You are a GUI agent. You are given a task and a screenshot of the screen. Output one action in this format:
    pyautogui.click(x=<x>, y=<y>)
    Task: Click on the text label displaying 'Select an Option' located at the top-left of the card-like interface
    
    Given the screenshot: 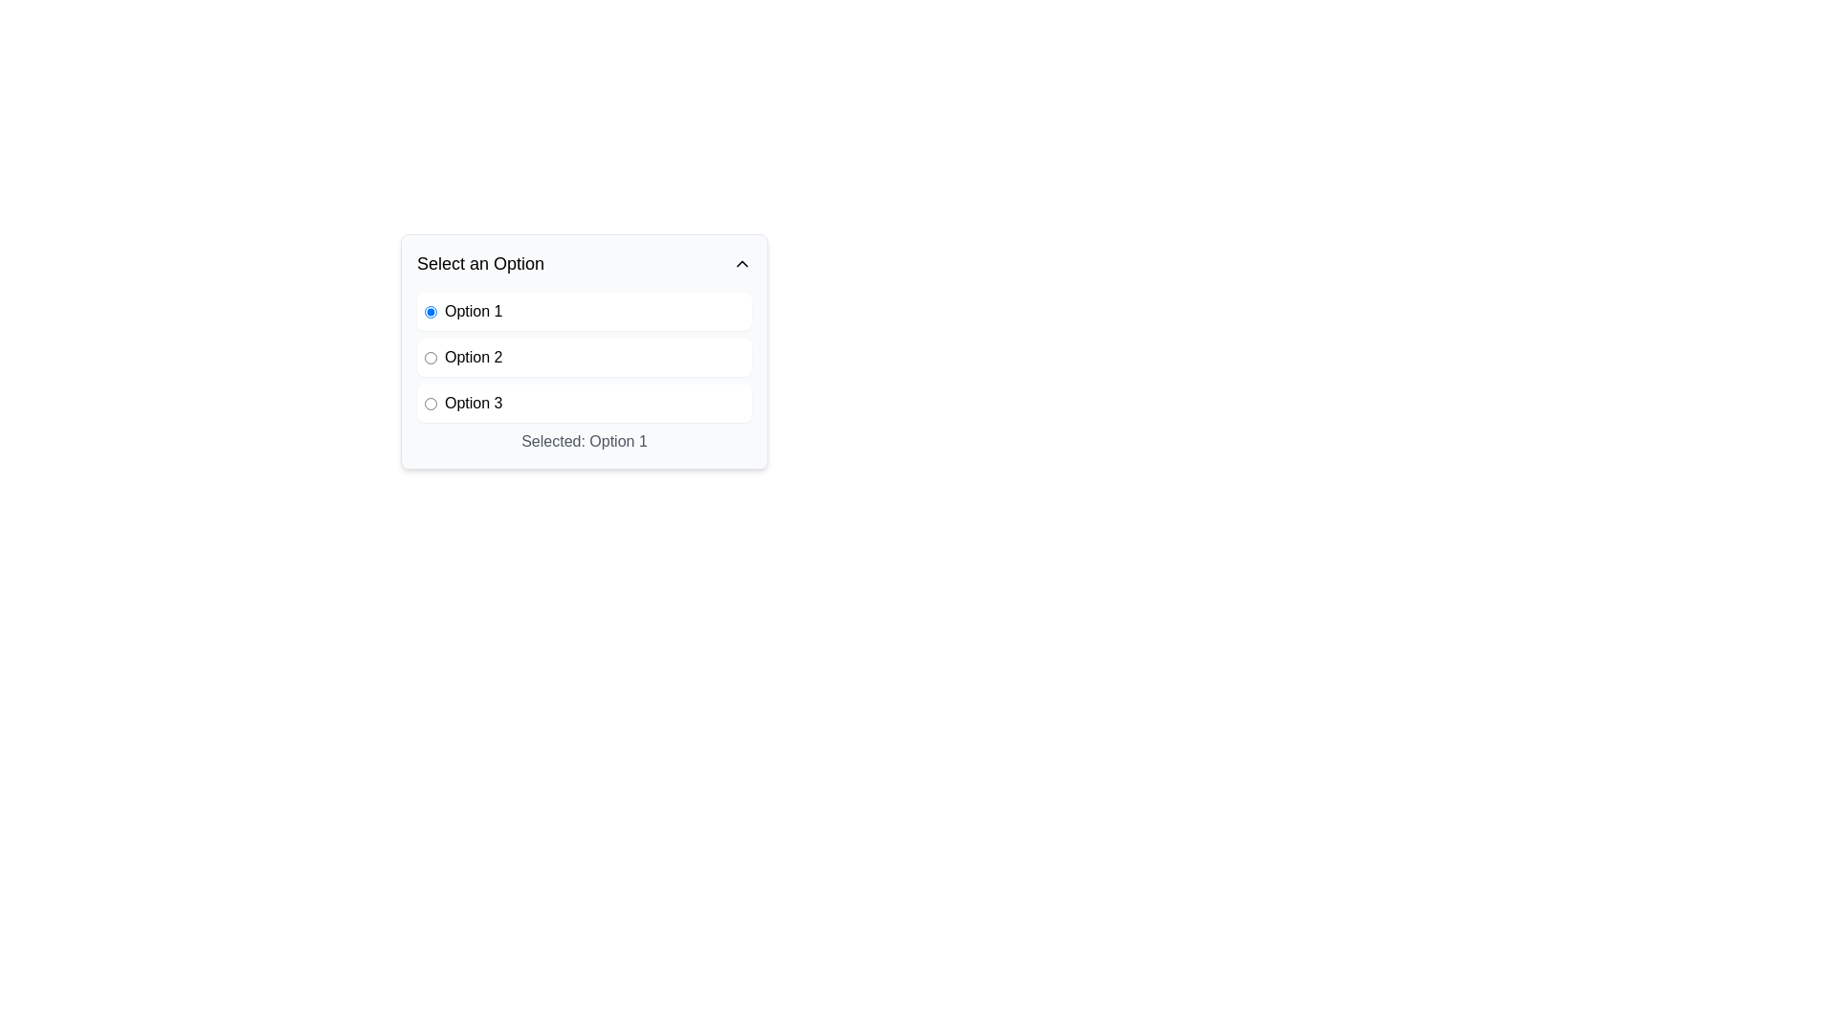 What is the action you would take?
    pyautogui.click(x=480, y=264)
    